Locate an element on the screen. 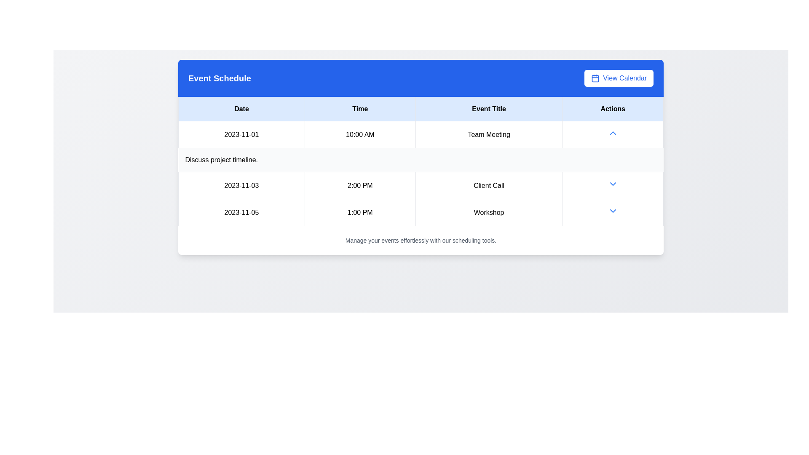  the header text cell for the 'Time' column in the table, located between the 'Date' and 'Event Title' cells, under the blue header 'Event Schedule' is located at coordinates (360, 108).